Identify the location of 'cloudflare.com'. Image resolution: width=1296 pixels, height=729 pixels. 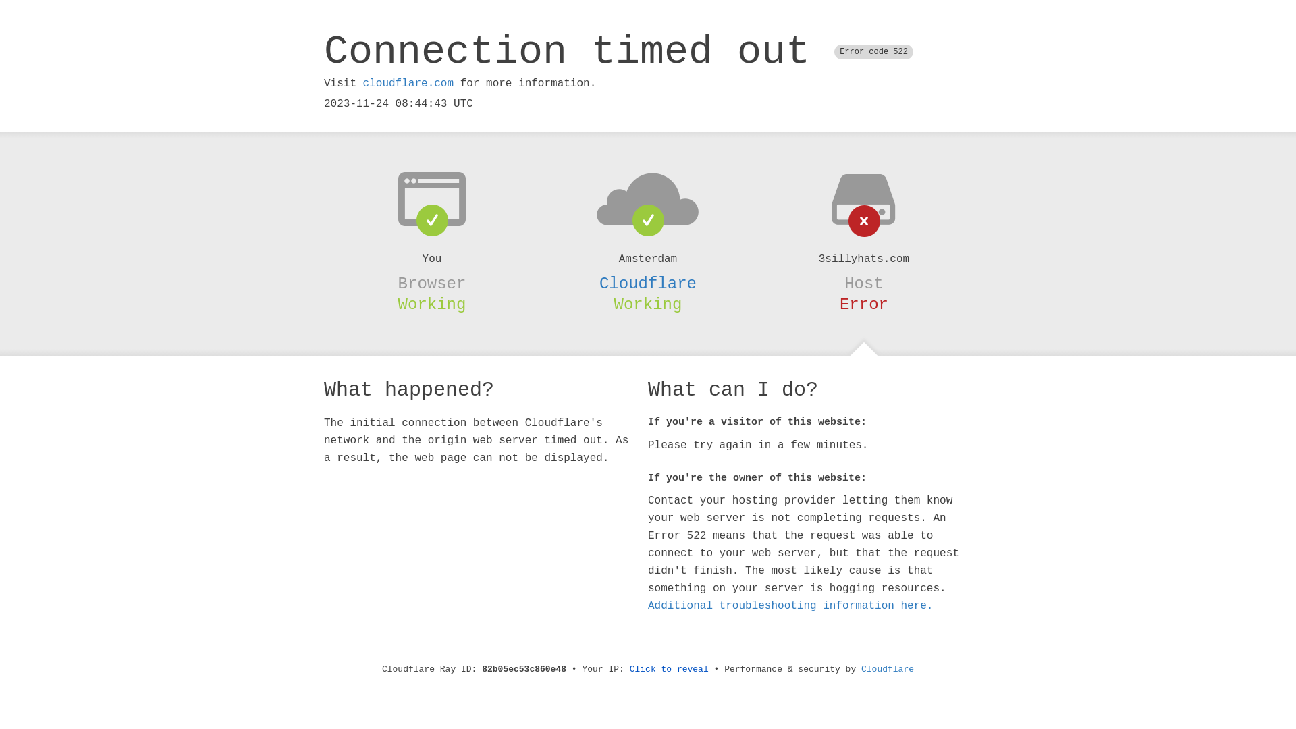
(407, 83).